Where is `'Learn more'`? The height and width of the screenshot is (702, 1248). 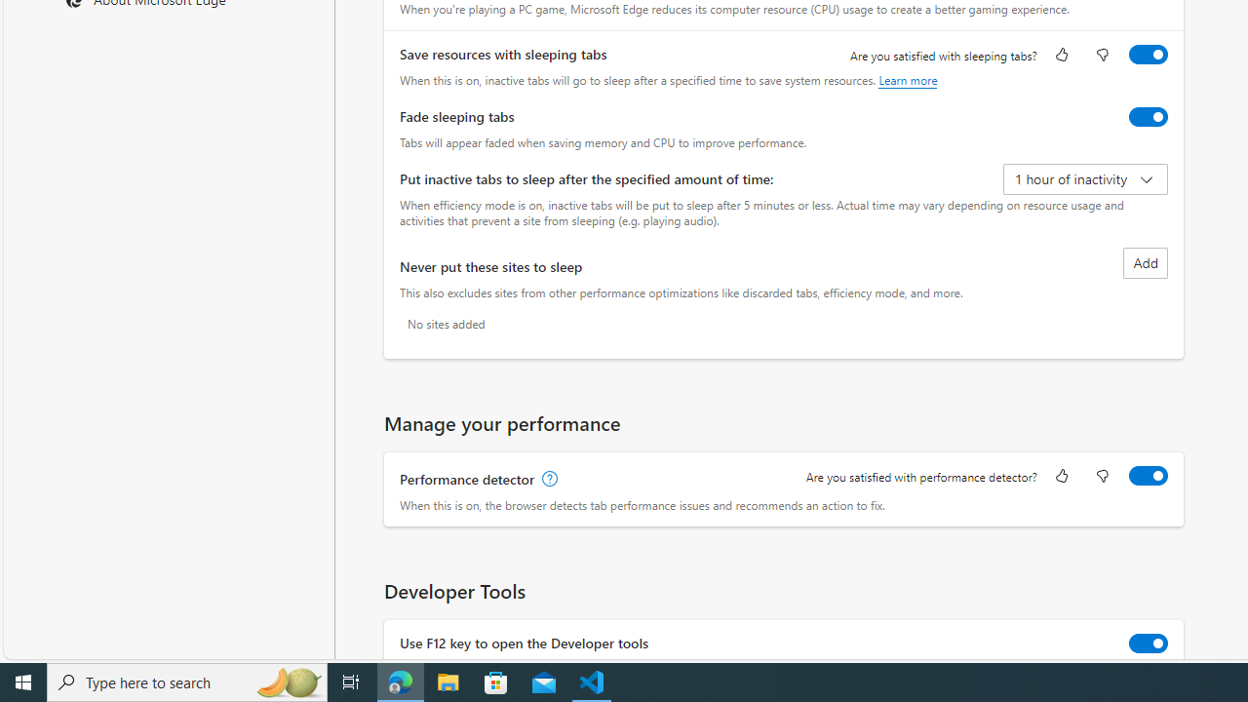
'Learn more' is located at coordinates (907, 79).